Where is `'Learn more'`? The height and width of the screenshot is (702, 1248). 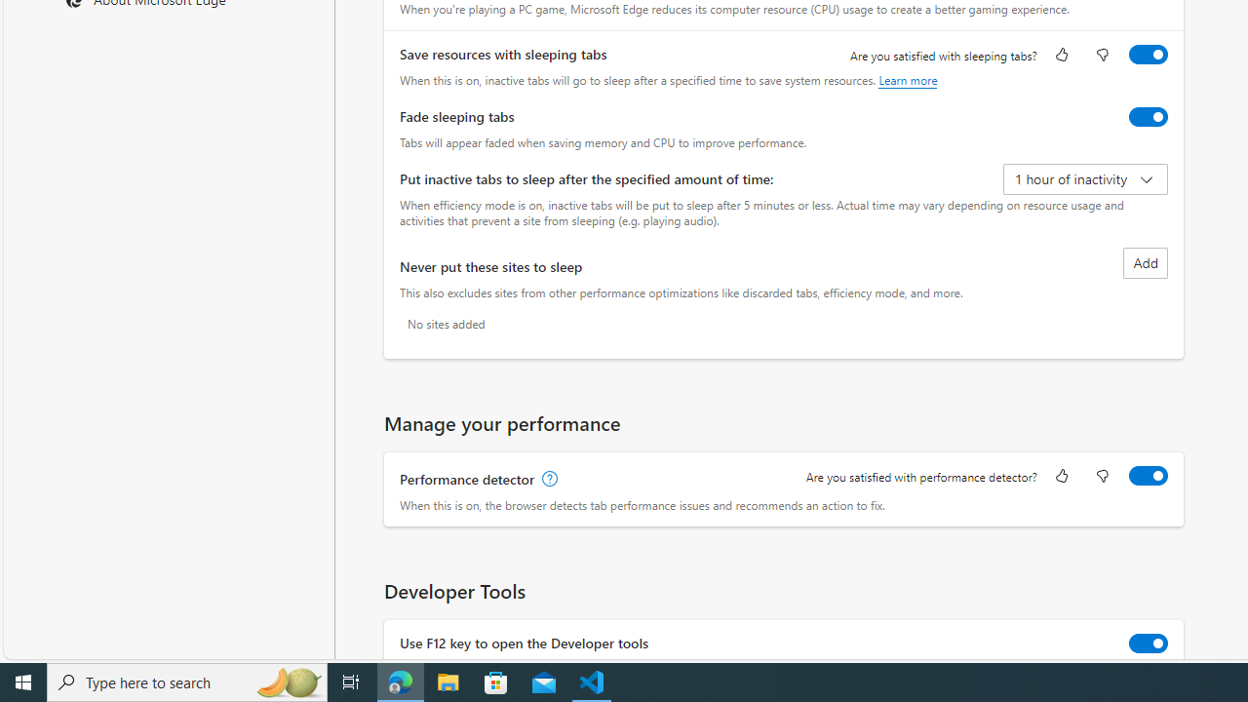
'Learn more' is located at coordinates (907, 79).